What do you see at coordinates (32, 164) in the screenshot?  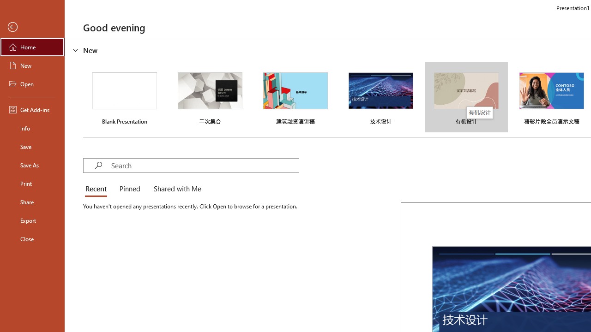 I see `'Save As'` at bounding box center [32, 164].